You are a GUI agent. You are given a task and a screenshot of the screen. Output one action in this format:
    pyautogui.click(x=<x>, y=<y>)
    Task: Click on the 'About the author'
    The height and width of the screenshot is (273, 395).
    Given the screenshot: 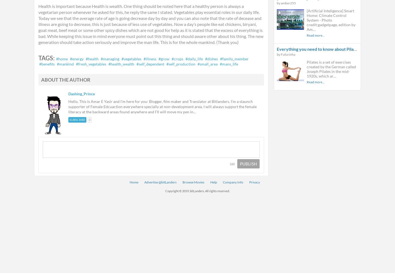 What is the action you would take?
    pyautogui.click(x=65, y=80)
    